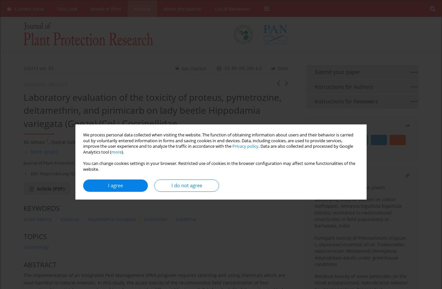  Describe the element at coordinates (77, 174) in the screenshot. I see `'https://doi.org/10.2478/jppr-2013-0021'` at that location.